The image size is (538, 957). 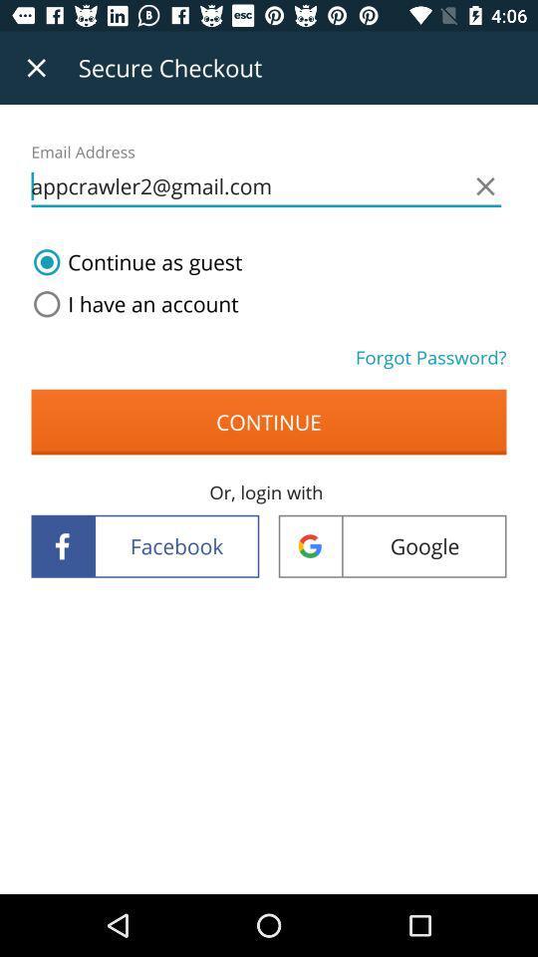 What do you see at coordinates (36, 68) in the screenshot?
I see `the app next to secure checkout` at bounding box center [36, 68].